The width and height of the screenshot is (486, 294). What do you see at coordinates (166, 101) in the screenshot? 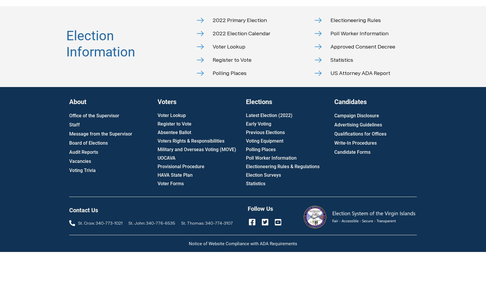
I see `'Voters'` at bounding box center [166, 101].